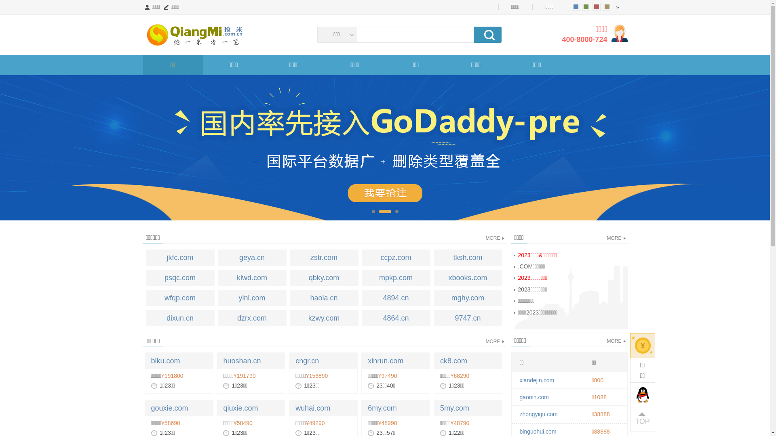 The height and width of the screenshot is (436, 776). I want to click on 'mghy.com', so click(432, 298).